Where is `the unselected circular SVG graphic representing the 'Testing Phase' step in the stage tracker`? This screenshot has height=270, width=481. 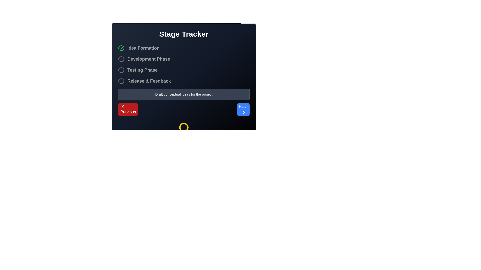
the unselected circular SVG graphic representing the 'Testing Phase' step in the stage tracker is located at coordinates (121, 70).